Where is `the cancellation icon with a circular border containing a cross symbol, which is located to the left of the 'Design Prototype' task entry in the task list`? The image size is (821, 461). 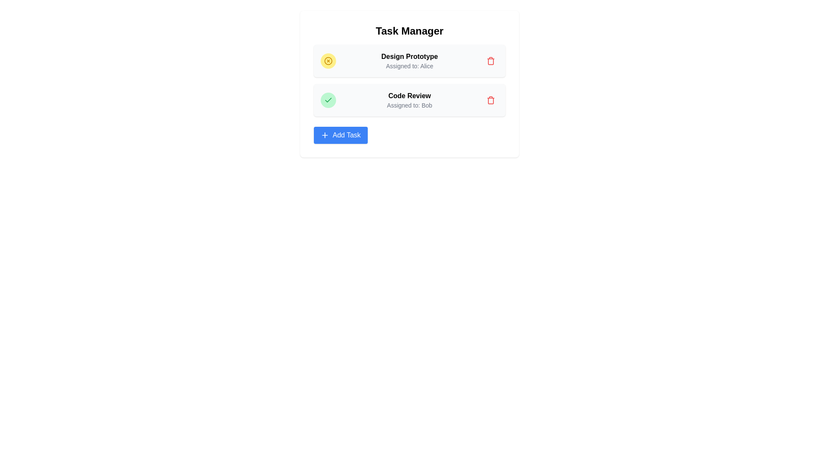 the cancellation icon with a circular border containing a cross symbol, which is located to the left of the 'Design Prototype' task entry in the task list is located at coordinates (328, 60).